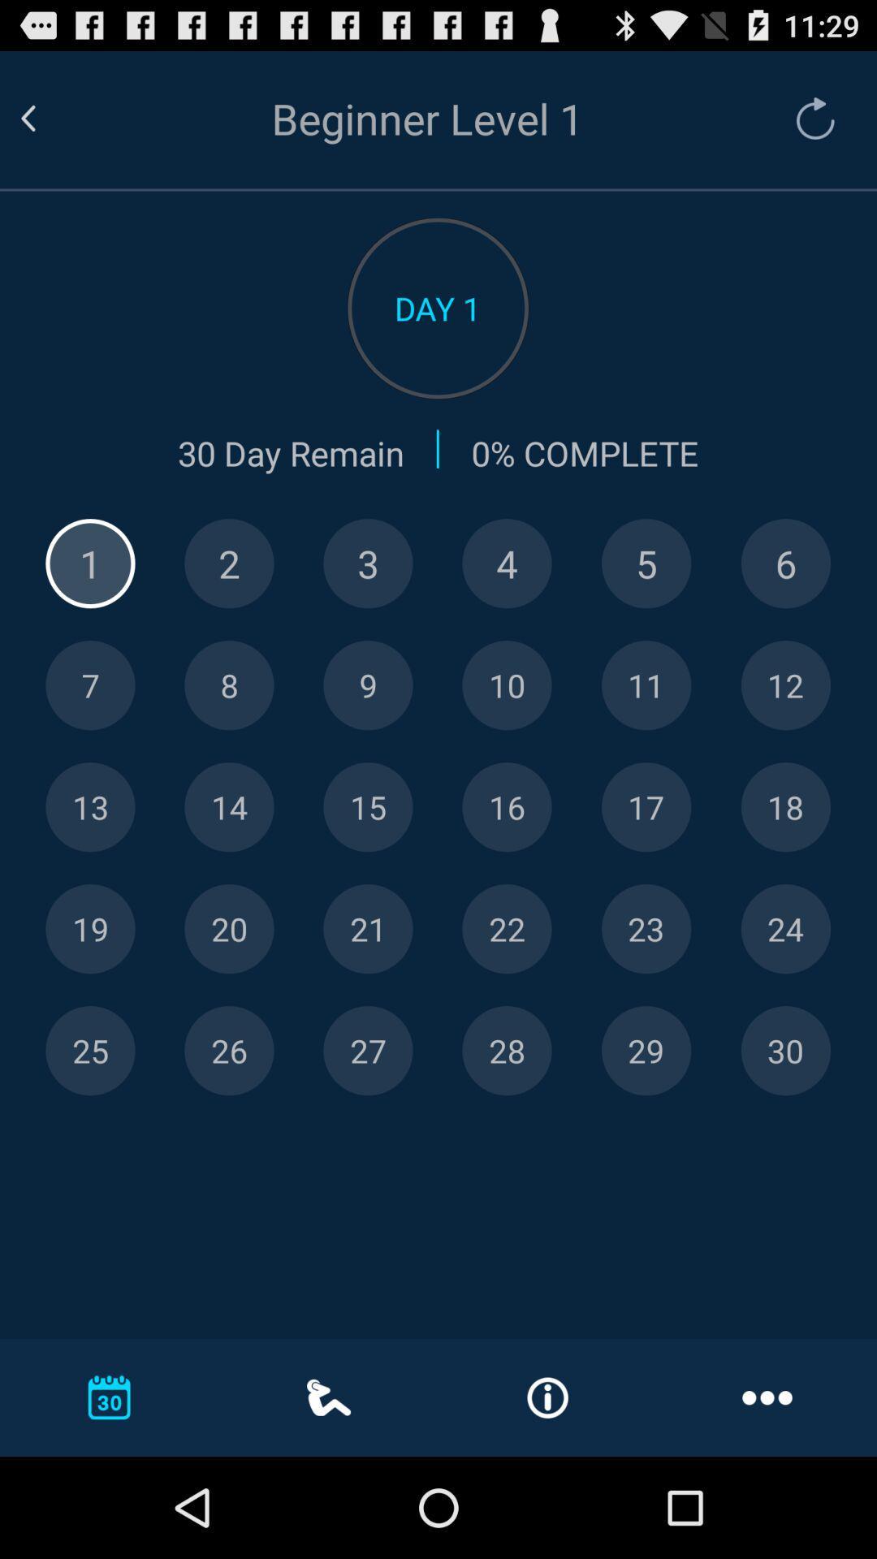 This screenshot has height=1559, width=877. What do you see at coordinates (47, 118) in the screenshot?
I see `go back` at bounding box center [47, 118].